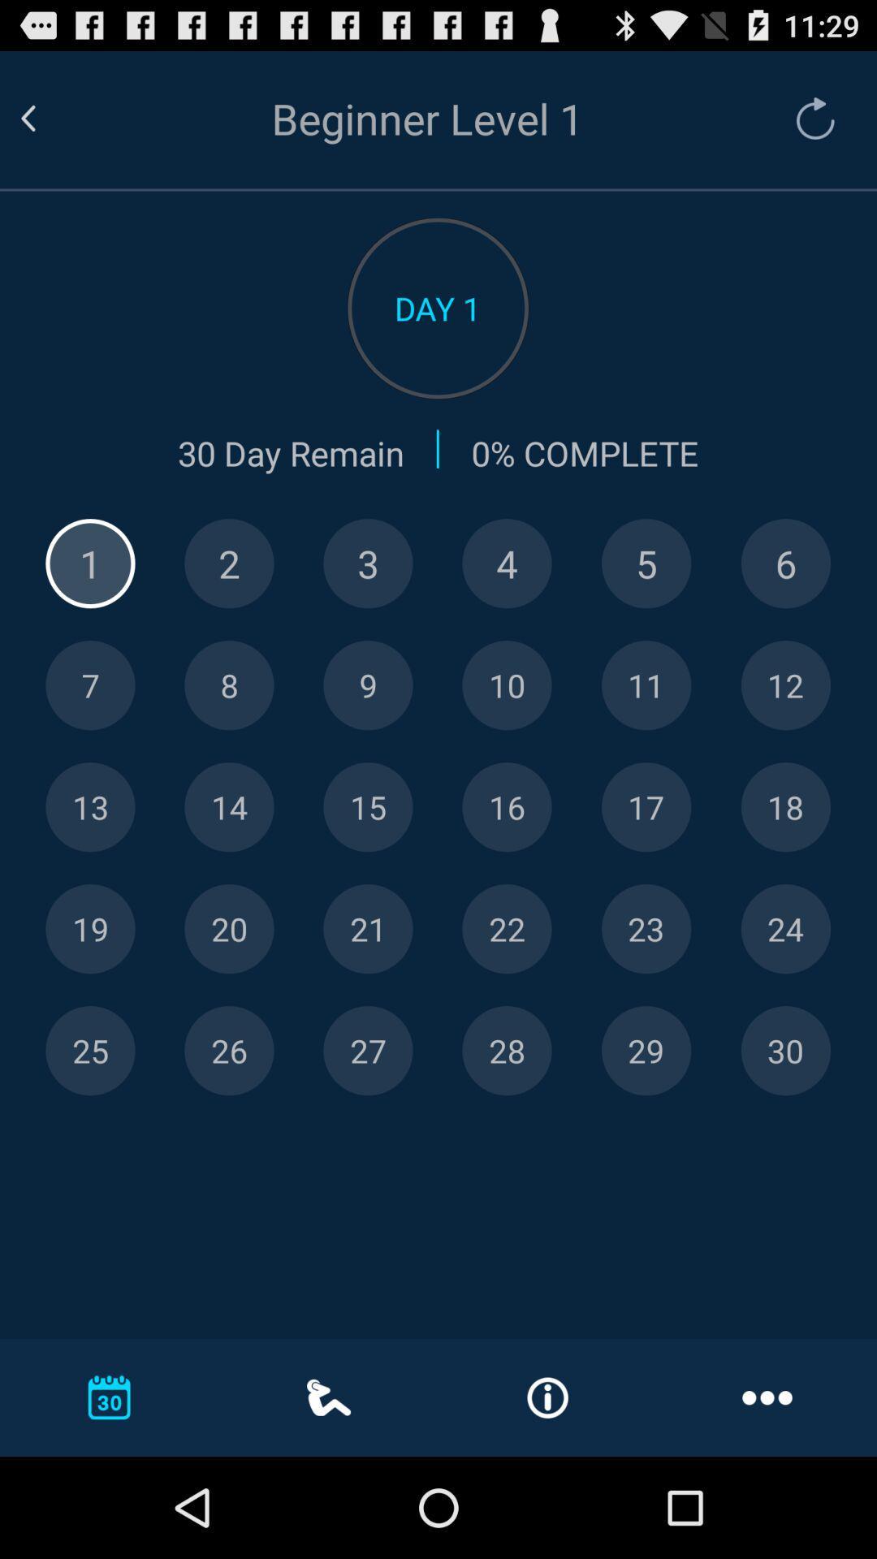 This screenshot has height=1559, width=877. What do you see at coordinates (47, 118) in the screenshot?
I see `go back` at bounding box center [47, 118].